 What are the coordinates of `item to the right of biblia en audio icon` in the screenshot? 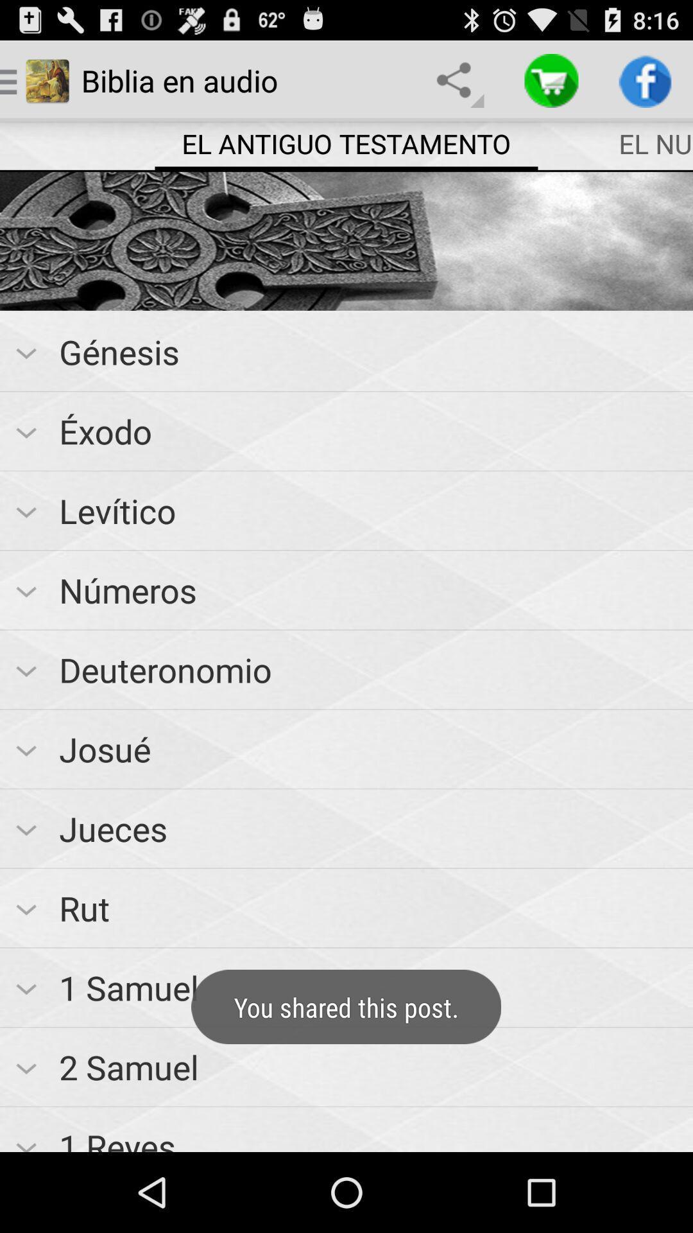 It's located at (456, 80).